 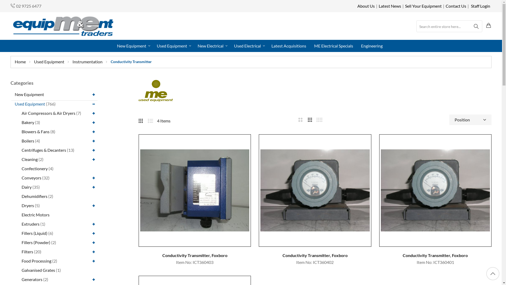 I want to click on 'Electric Motors', so click(x=35, y=215).